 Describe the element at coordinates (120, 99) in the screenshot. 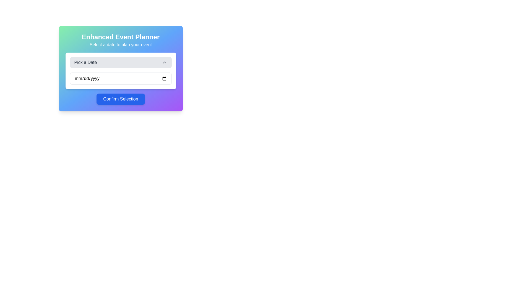

I see `the confirmation button located at the bottom of the card-like panel with a gradient background` at that location.